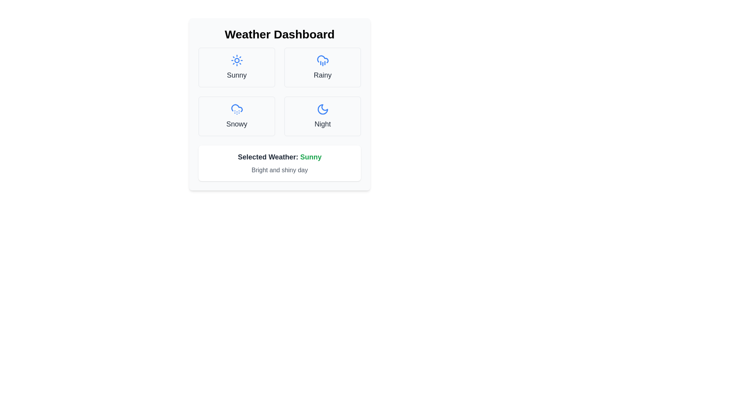 This screenshot has height=419, width=746. What do you see at coordinates (280, 170) in the screenshot?
I see `the text element reading 'Bright and shiny day', which is styled in gray and located under the section titled 'Selected Weather: Sunny'` at bounding box center [280, 170].